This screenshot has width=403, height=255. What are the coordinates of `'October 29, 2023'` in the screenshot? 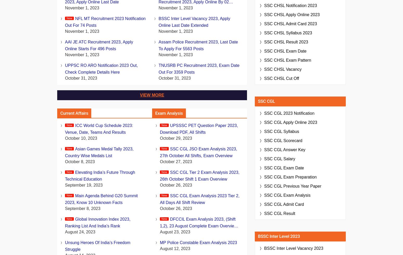 It's located at (175, 138).